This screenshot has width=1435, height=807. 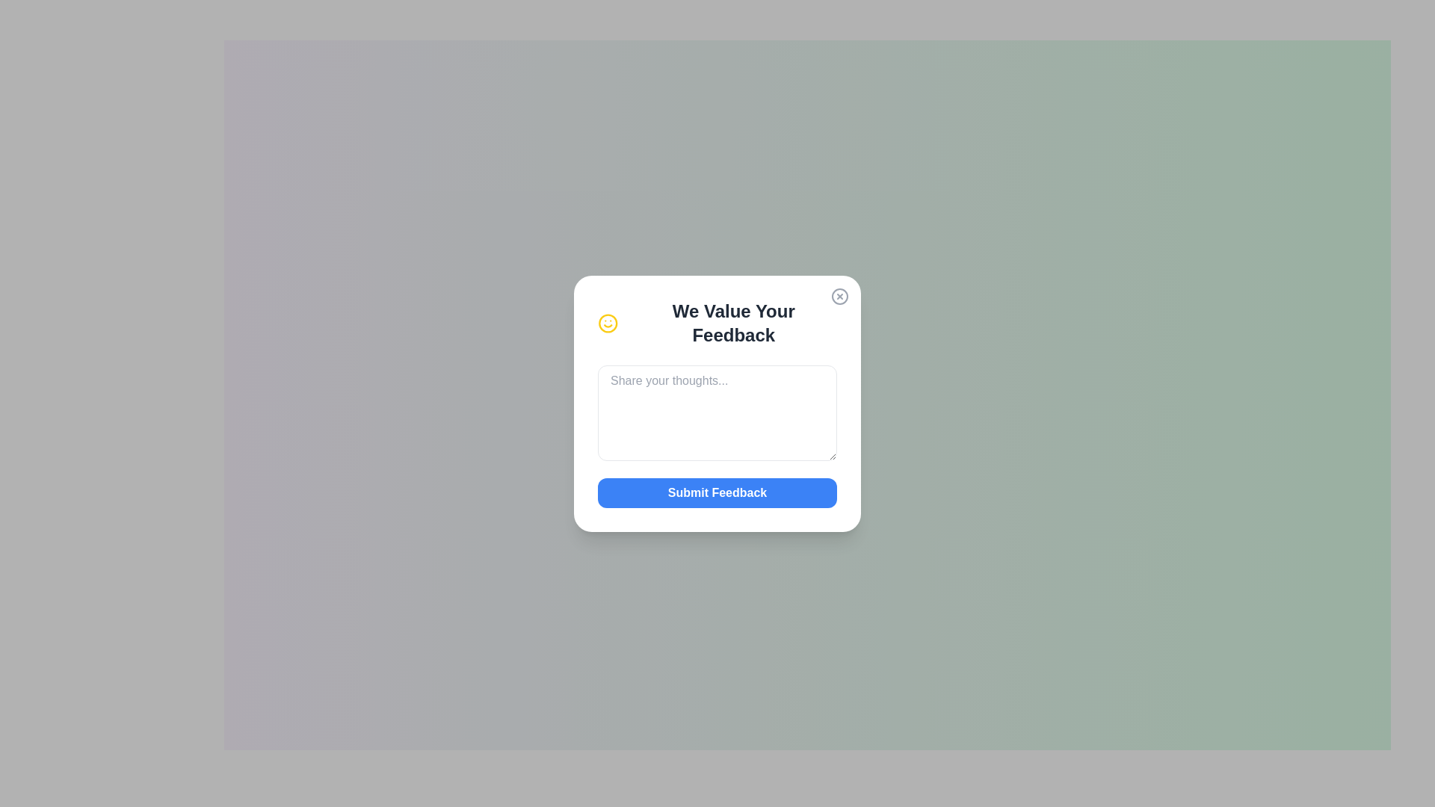 What do you see at coordinates (717, 492) in the screenshot?
I see `the rectangular button with a solid blue background and the text 'Submit Feedback'` at bounding box center [717, 492].